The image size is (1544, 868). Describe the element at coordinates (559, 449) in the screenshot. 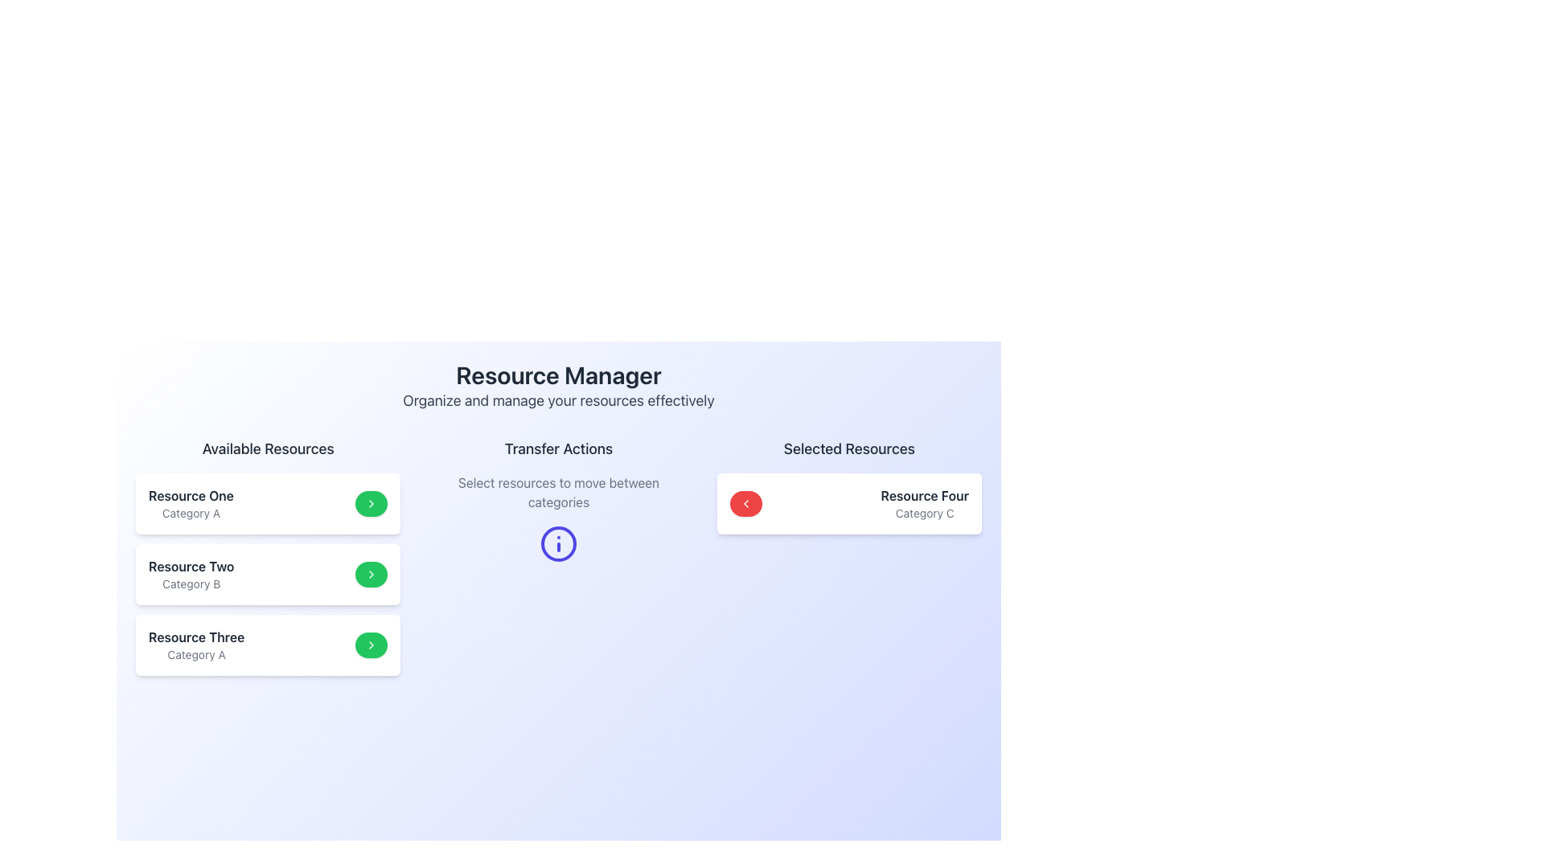

I see `the static text label reading 'Transfer Actions', which is styled with a larger font size and dark gray color, located in the center of the user interface above the informational description` at that location.